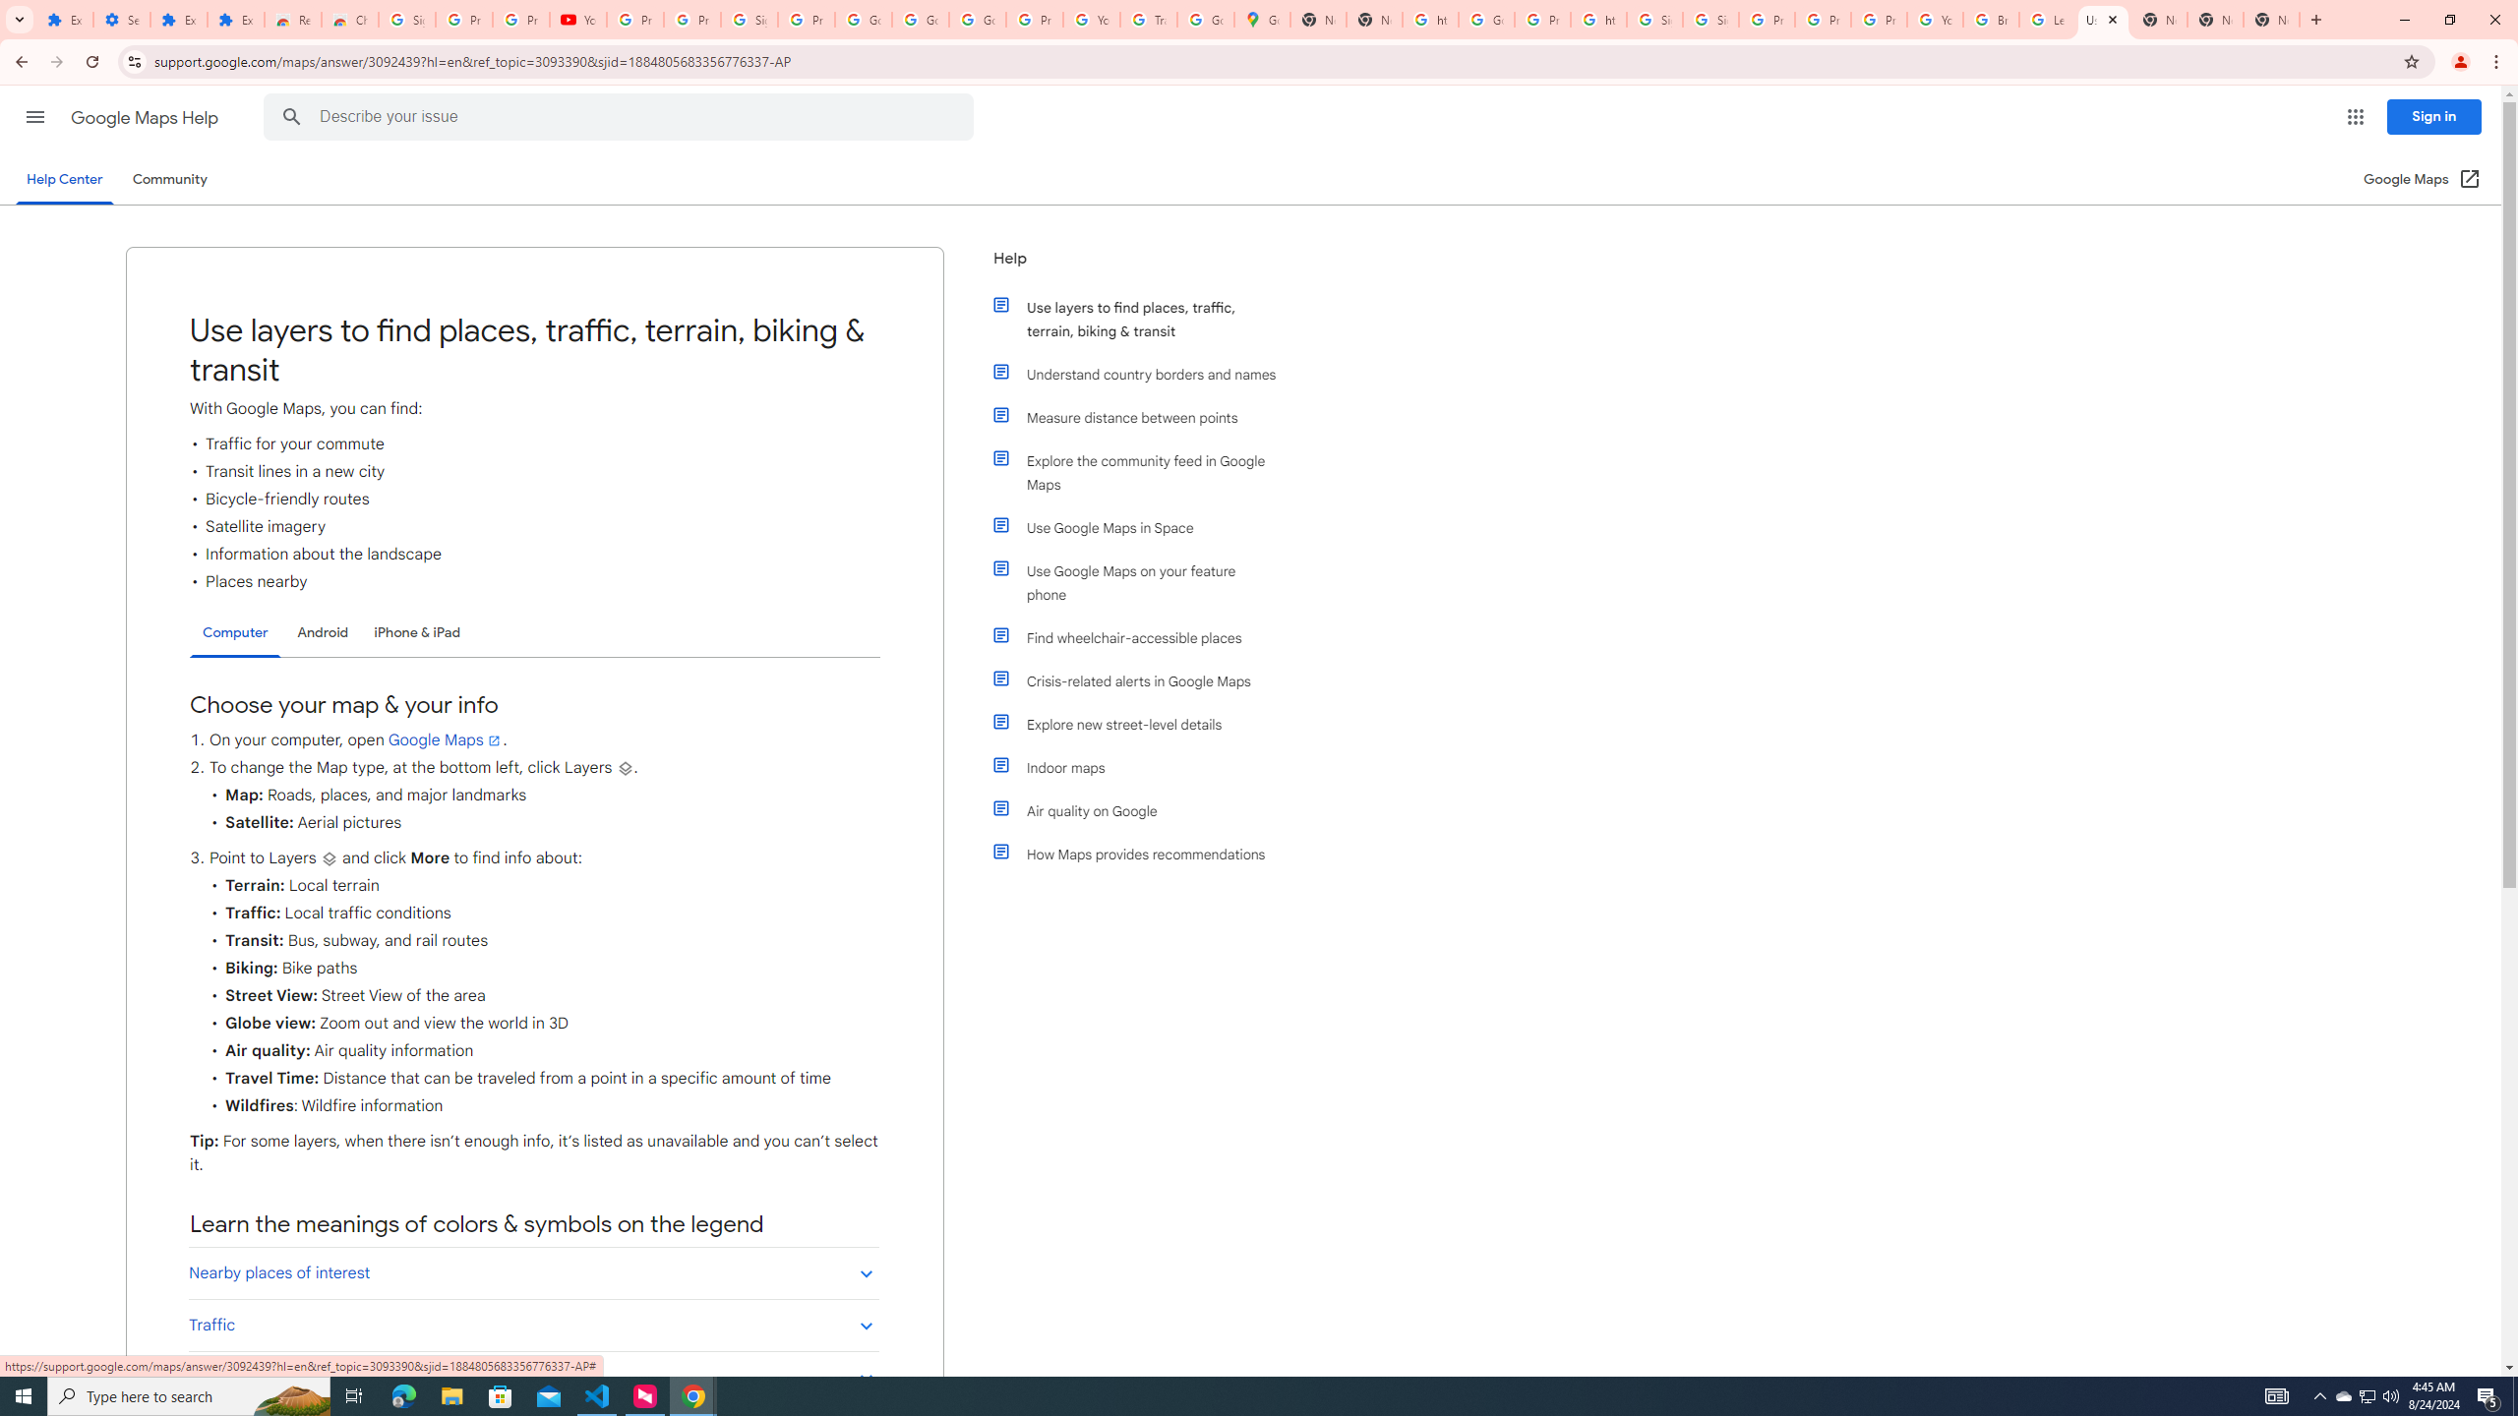 This screenshot has width=2518, height=1416. Describe the element at coordinates (533, 1272) in the screenshot. I see `'Nearby places of interest'` at that location.